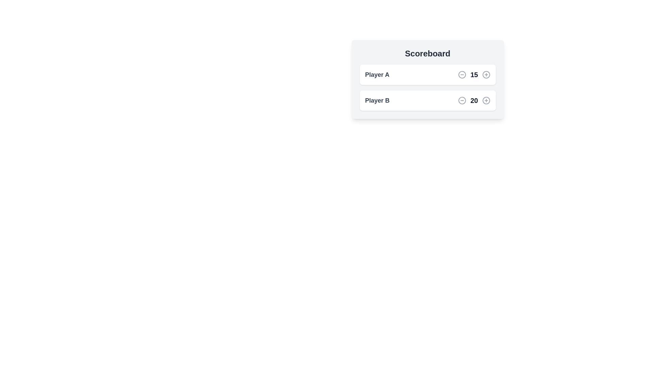 This screenshot has height=367, width=653. I want to click on the circular component of the '+' icon located beside the score display for Player A on the scoreboard, so click(486, 74).